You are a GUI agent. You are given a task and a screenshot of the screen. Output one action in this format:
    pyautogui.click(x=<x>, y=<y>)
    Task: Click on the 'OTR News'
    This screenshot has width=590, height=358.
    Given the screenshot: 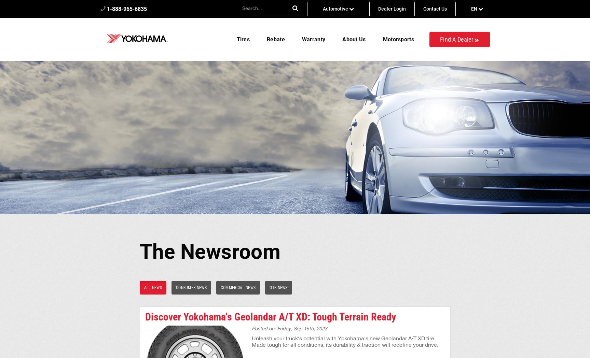 What is the action you would take?
    pyautogui.click(x=270, y=287)
    